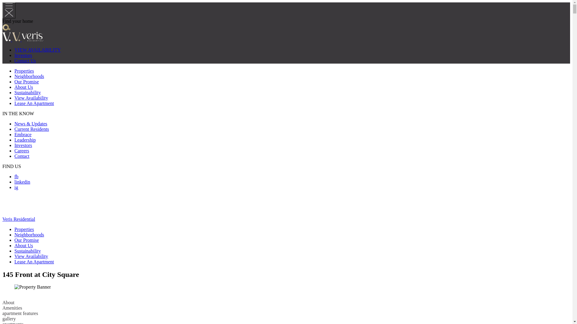 The width and height of the screenshot is (577, 324). I want to click on 'linkedin', so click(22, 181).